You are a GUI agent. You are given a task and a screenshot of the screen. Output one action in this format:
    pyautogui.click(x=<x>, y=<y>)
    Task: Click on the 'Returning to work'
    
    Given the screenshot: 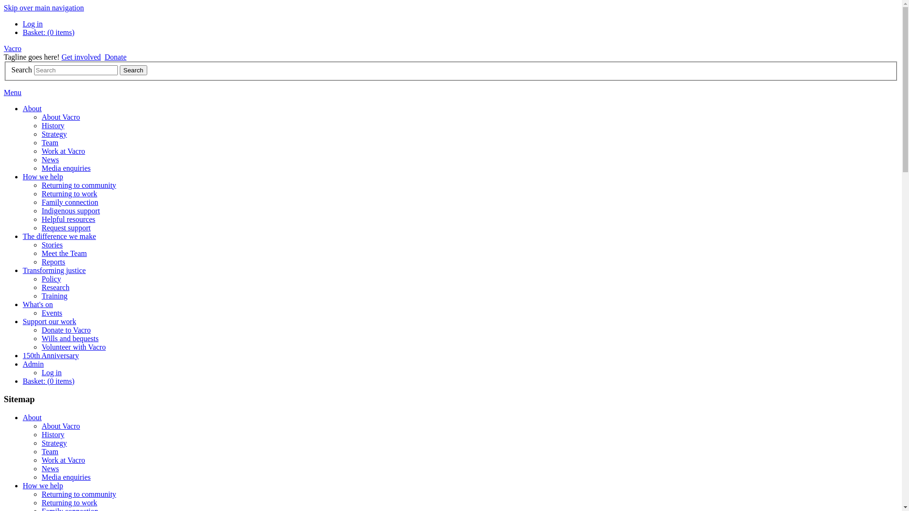 What is the action you would take?
    pyautogui.click(x=69, y=502)
    